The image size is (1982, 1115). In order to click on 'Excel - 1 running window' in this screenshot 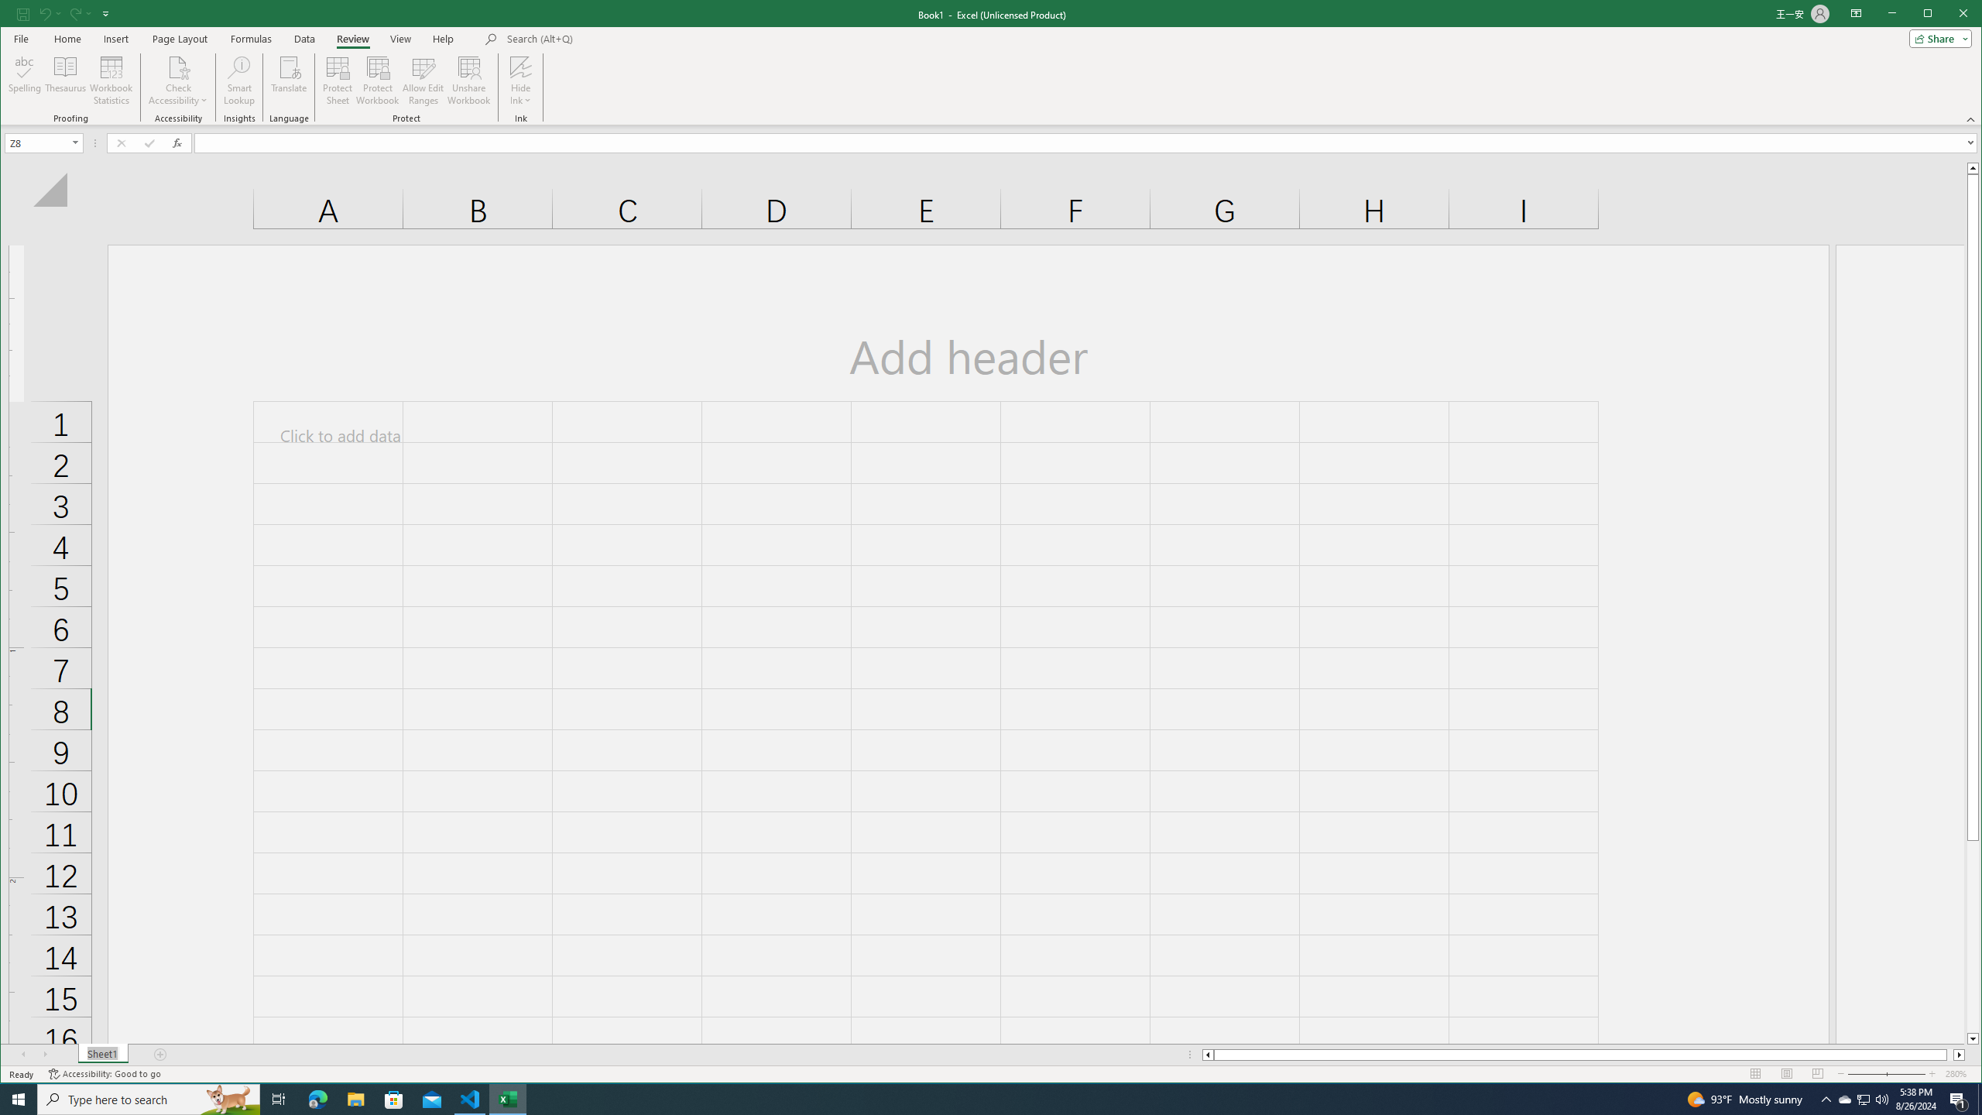, I will do `click(508, 1098)`.